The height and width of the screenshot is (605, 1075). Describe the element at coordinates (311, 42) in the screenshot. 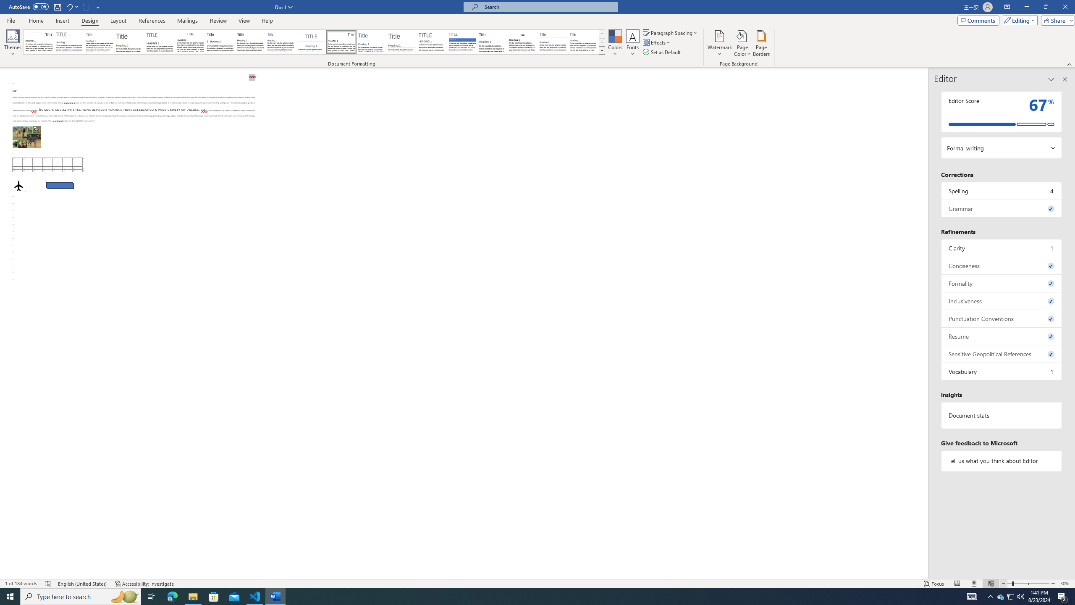

I see `'Centered'` at that location.